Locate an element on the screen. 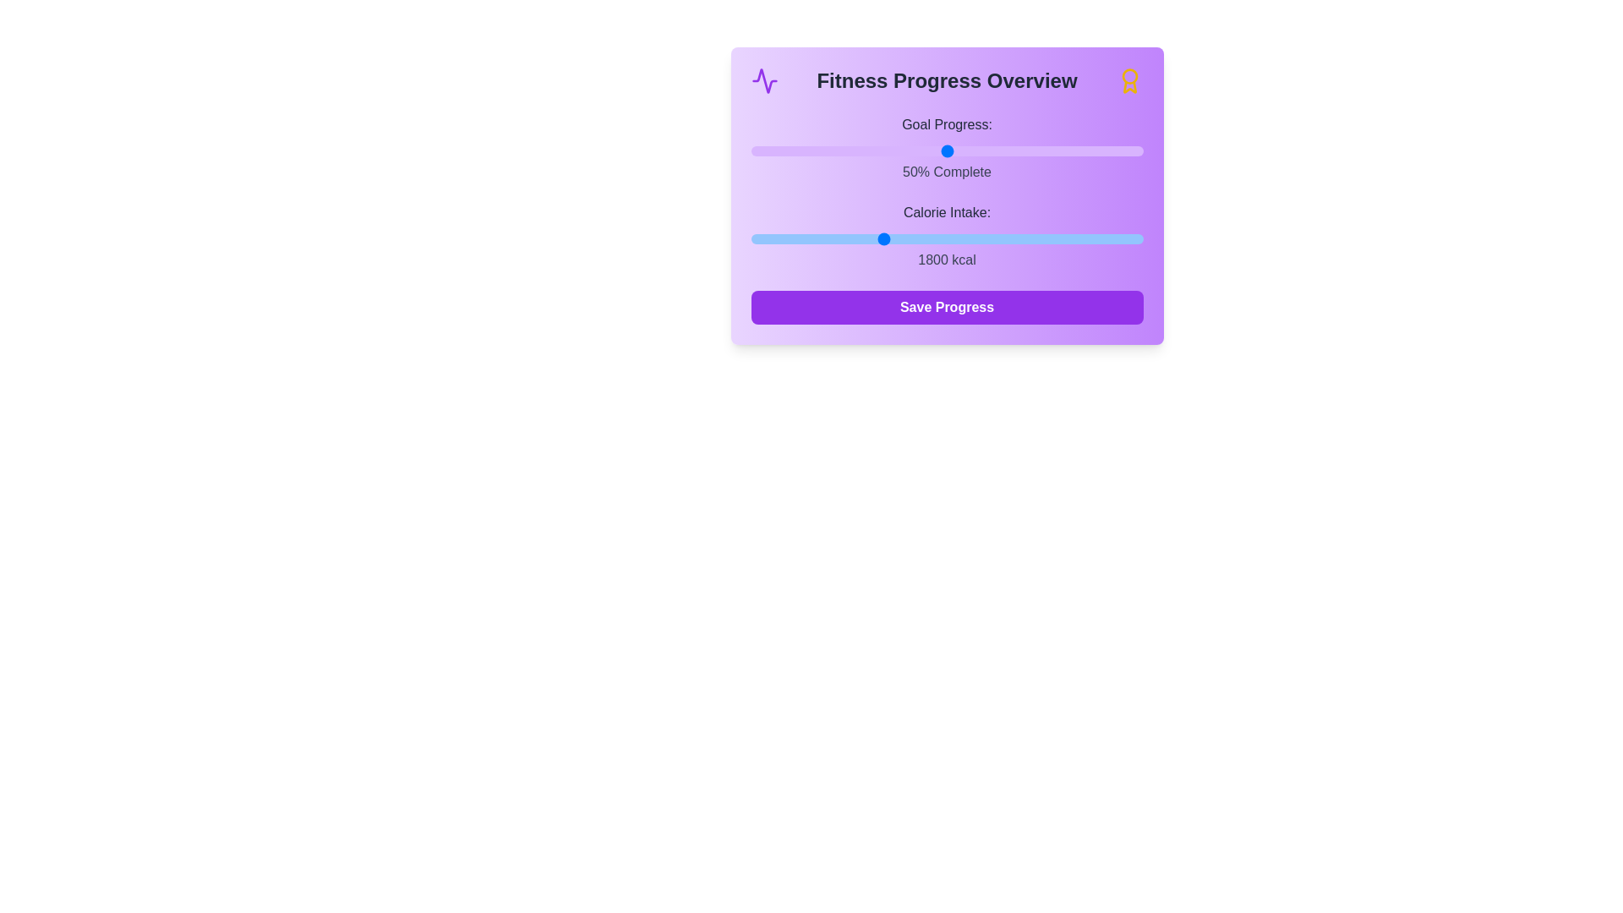 This screenshot has width=1623, height=913. the goal progress slider is located at coordinates (947, 150).